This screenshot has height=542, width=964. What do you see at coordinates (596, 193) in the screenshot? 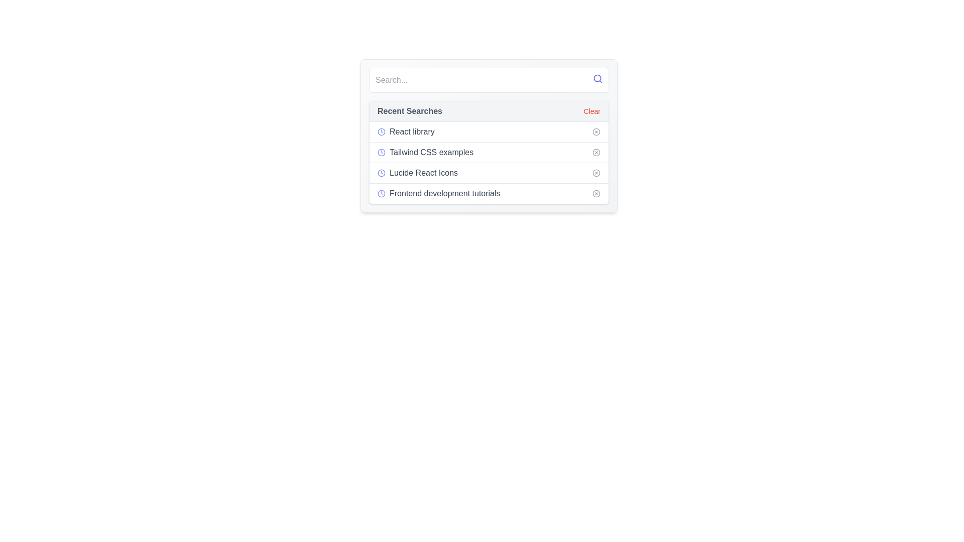
I see `the small circular 'X' icon button at the far-right of the 'Frontend development tutorials' row to change its color to red` at bounding box center [596, 193].